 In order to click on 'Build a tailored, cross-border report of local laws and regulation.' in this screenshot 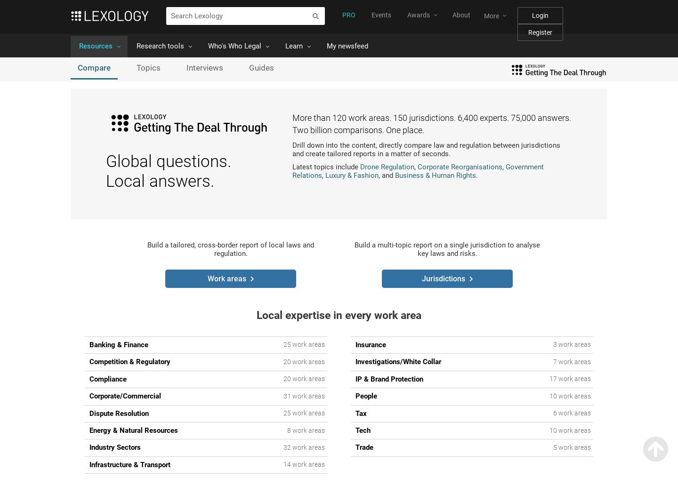, I will do `click(147, 249)`.